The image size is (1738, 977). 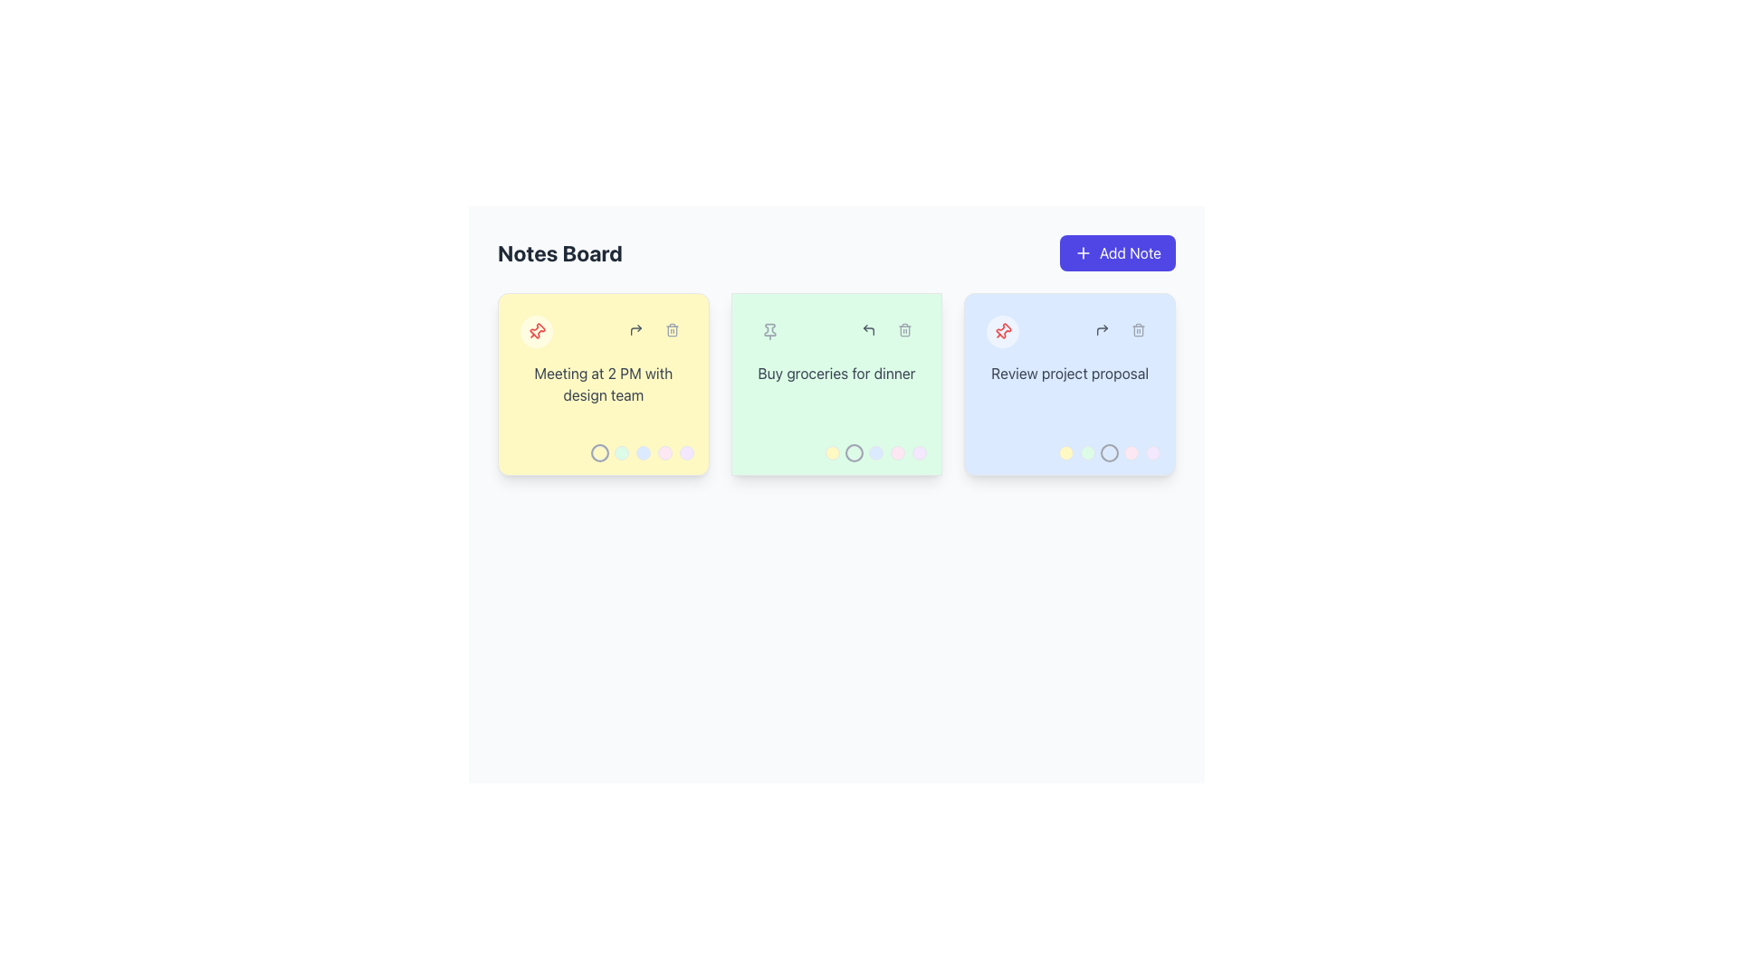 I want to click on the small, circular button with a pink background and light gray border located at the fourth position among five buttons at the bottom-right corner of the green section, so click(x=898, y=452).